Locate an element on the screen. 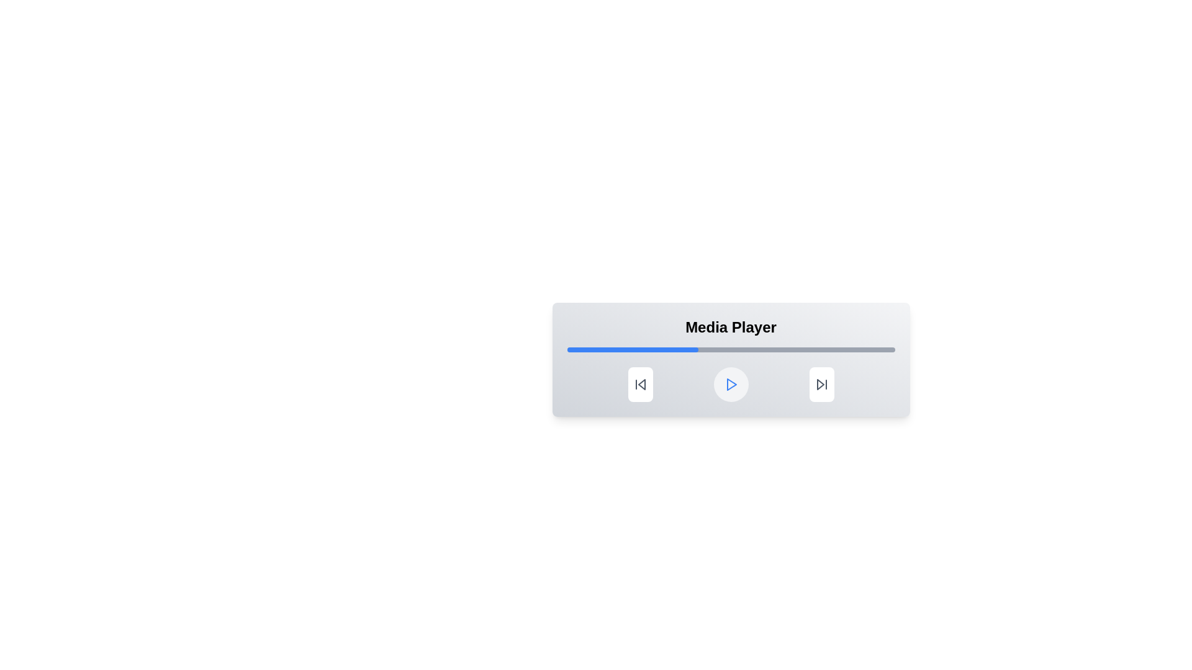 This screenshot has width=1192, height=670. the skip-backward SVG icon located in the bottom-left corner of the media player interface is located at coordinates (640, 384).